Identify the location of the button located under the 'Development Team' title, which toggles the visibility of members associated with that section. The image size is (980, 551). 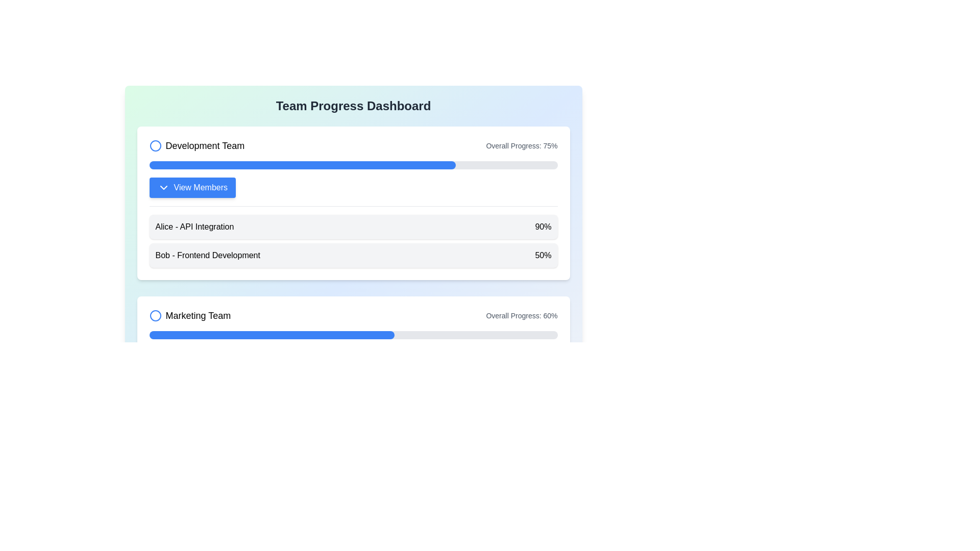
(192, 187).